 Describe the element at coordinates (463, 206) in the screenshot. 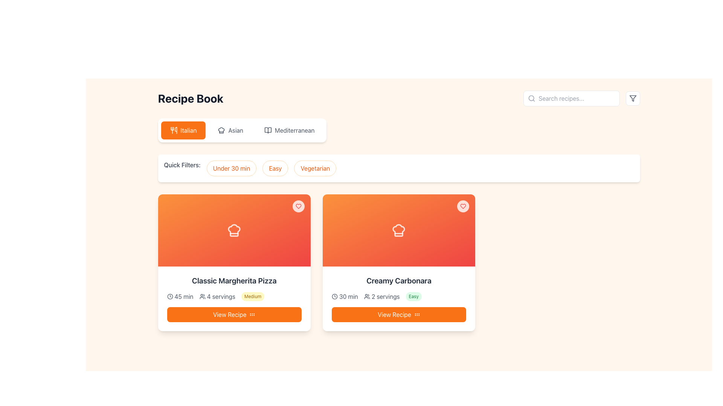

I see `the Favorite icon located at the top right-hand side of the 'Creamy Carbonara' recipe card` at that location.